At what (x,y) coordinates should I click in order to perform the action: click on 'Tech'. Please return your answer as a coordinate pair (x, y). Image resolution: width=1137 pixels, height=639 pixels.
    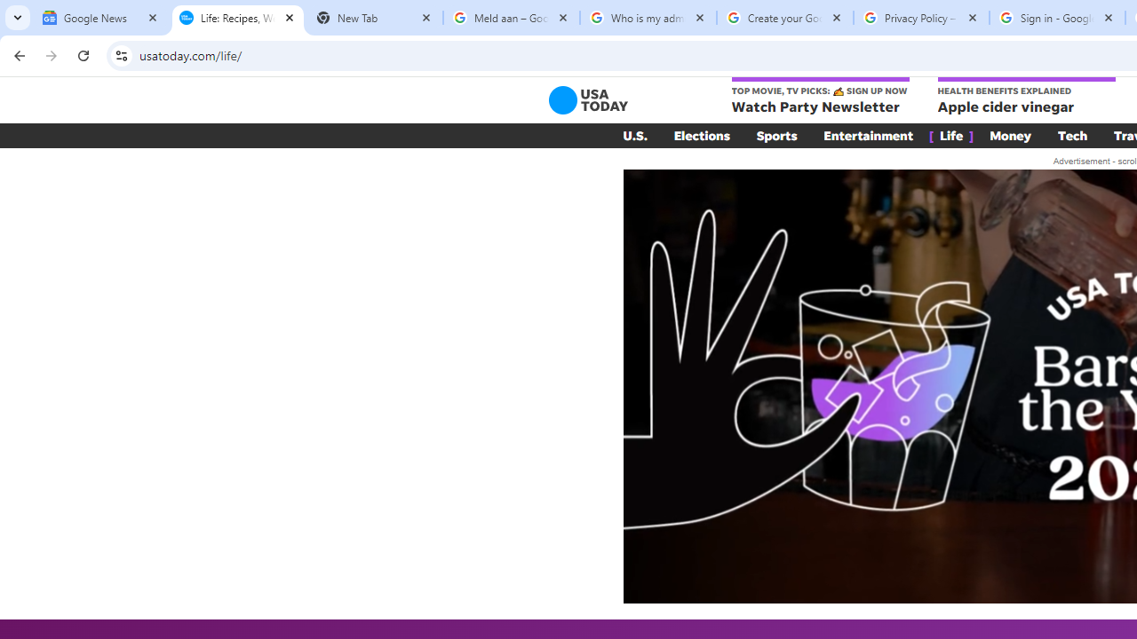
    Looking at the image, I should click on (1071, 135).